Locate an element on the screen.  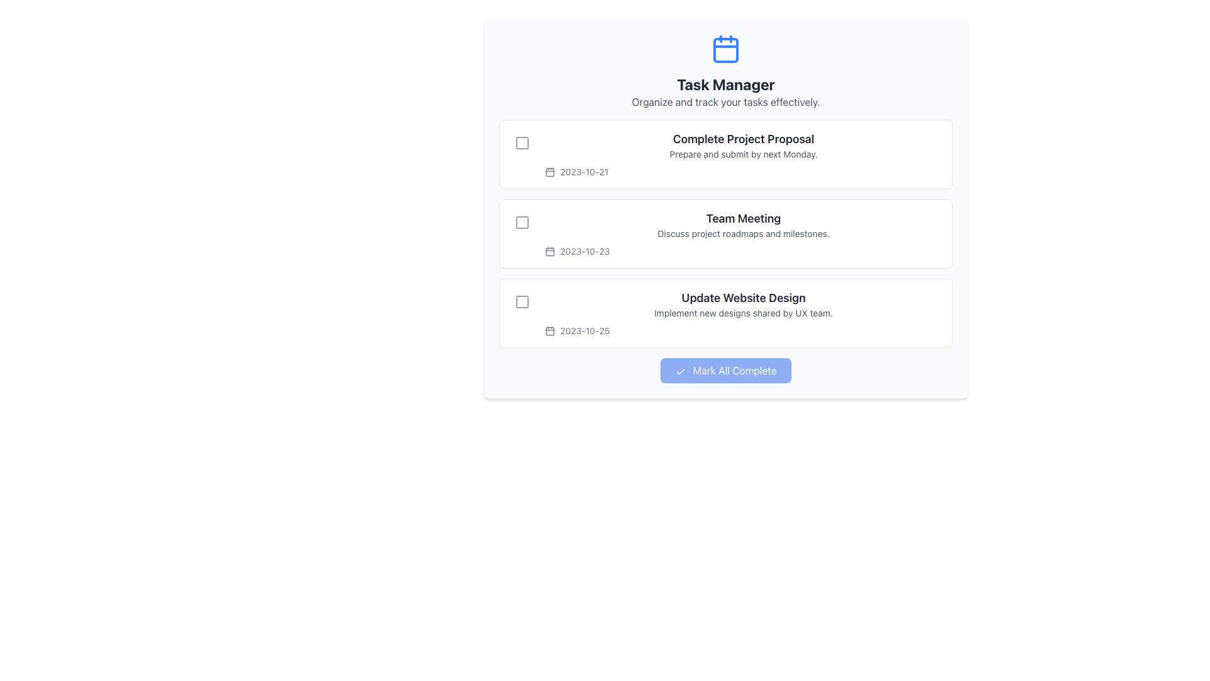
the calendar-shaped blue icon located at the top of the 'Task Manager' section, directly above the title 'Task Manager' is located at coordinates (726, 48).